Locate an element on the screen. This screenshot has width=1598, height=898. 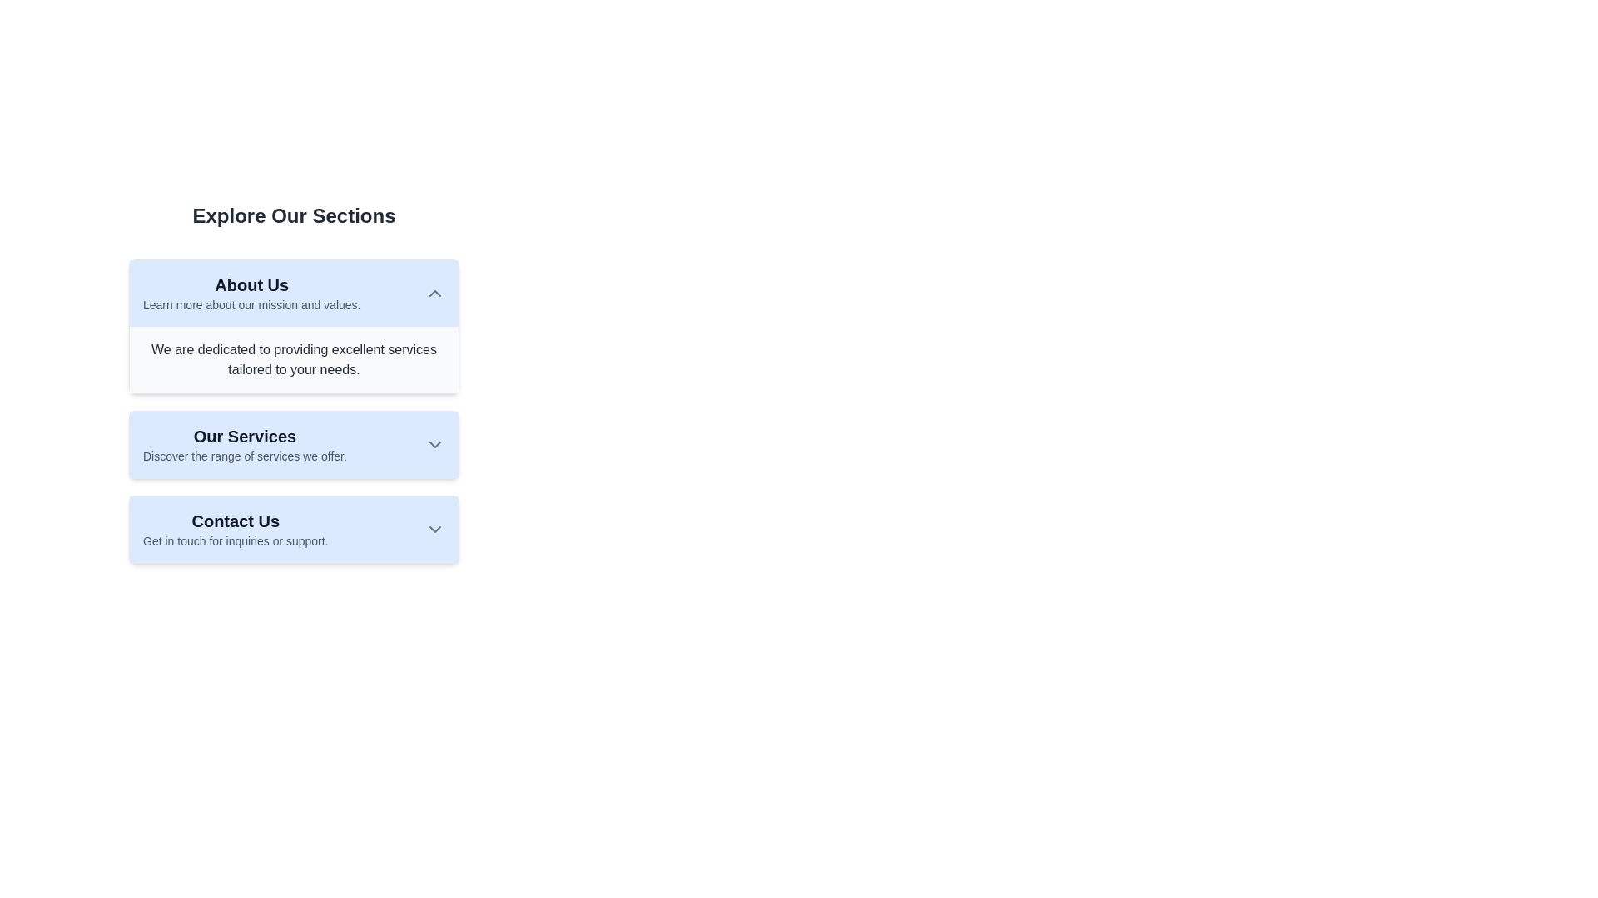
the downward-facing gray chevron icon located to the far right of the 'Contact Us' section for additional indication is located at coordinates (435, 529).